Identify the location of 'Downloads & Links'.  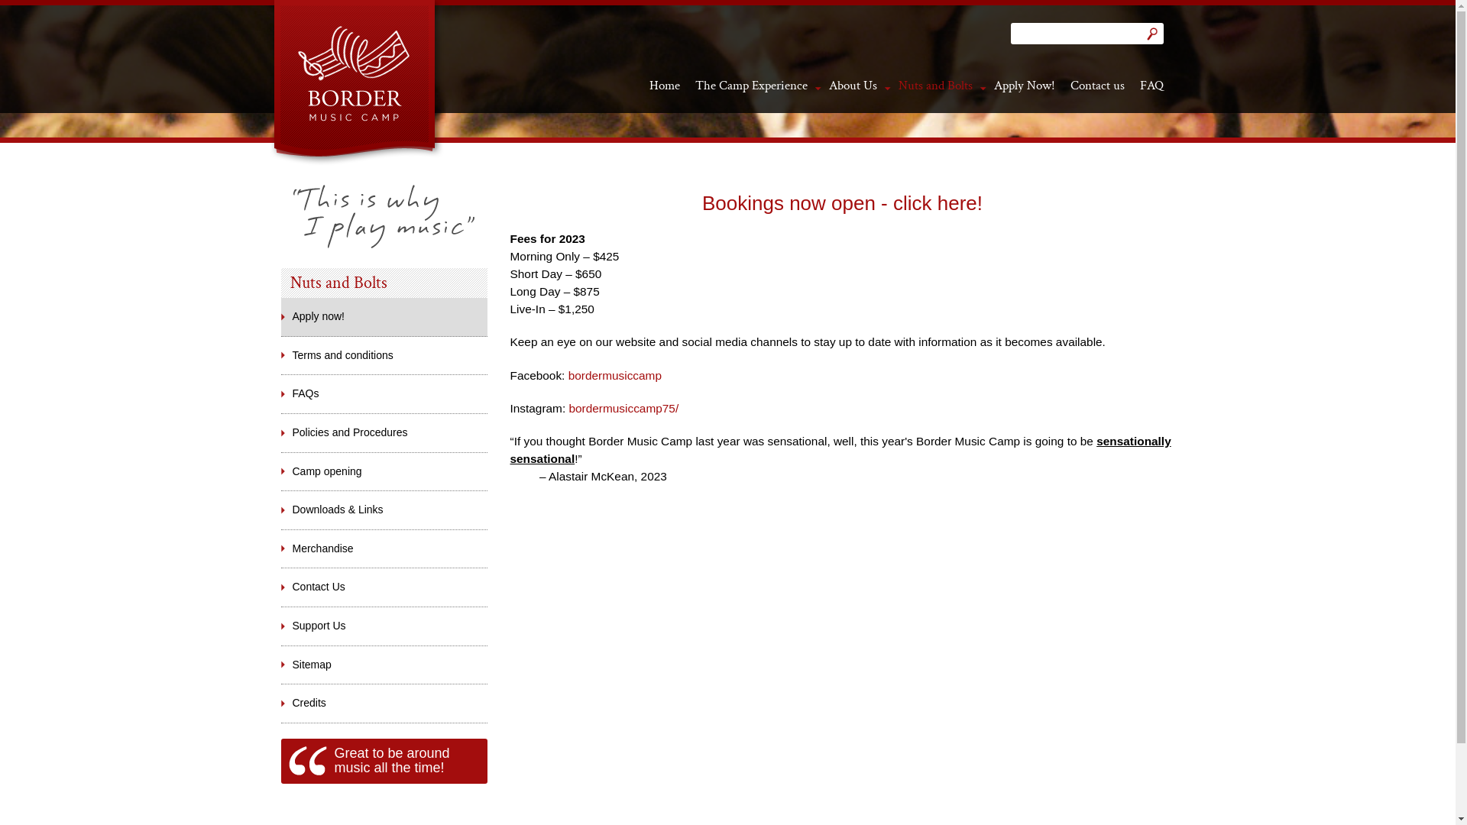
(384, 510).